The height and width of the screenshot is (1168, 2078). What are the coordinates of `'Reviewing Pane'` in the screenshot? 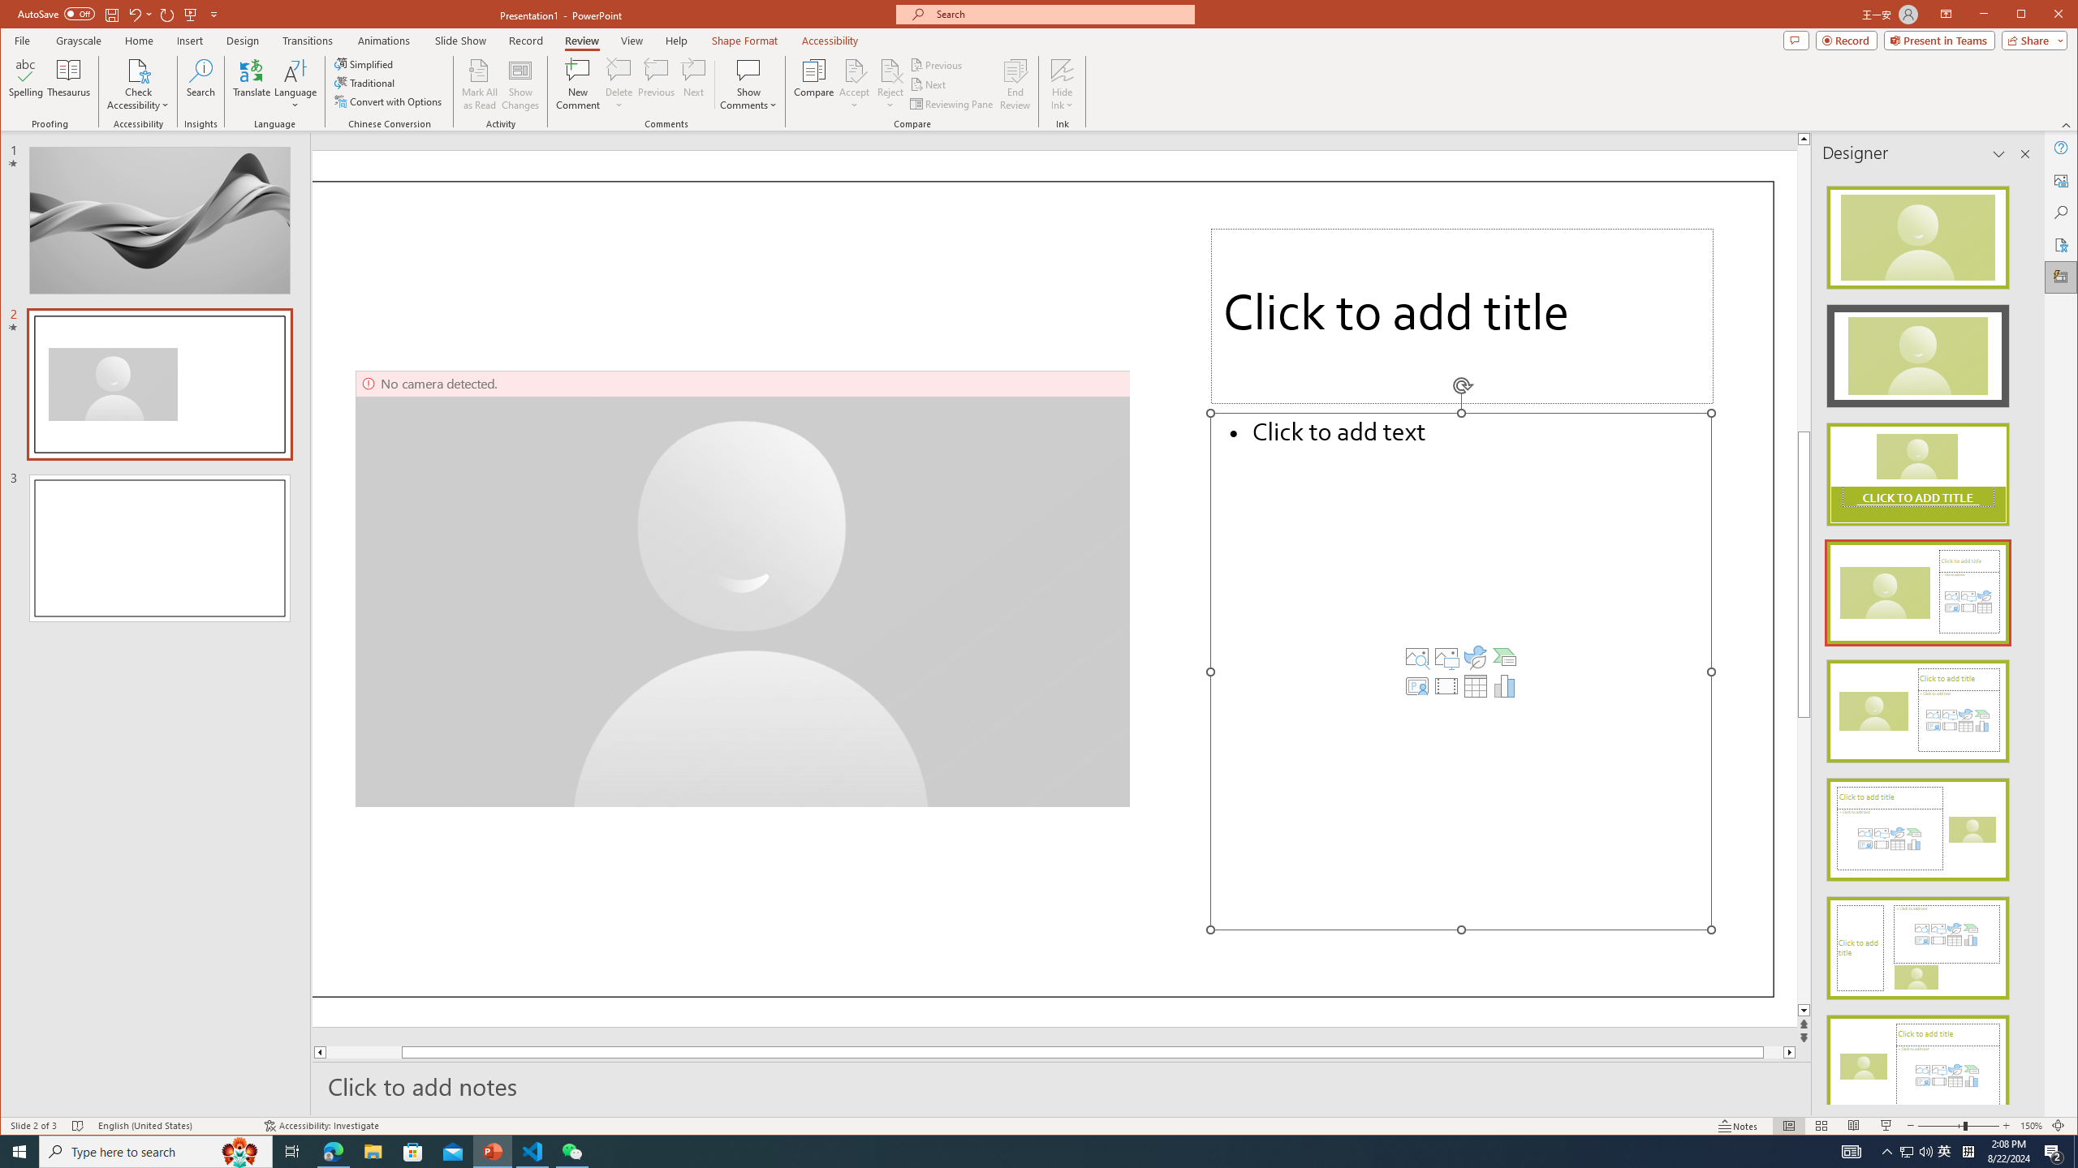 It's located at (952, 103).